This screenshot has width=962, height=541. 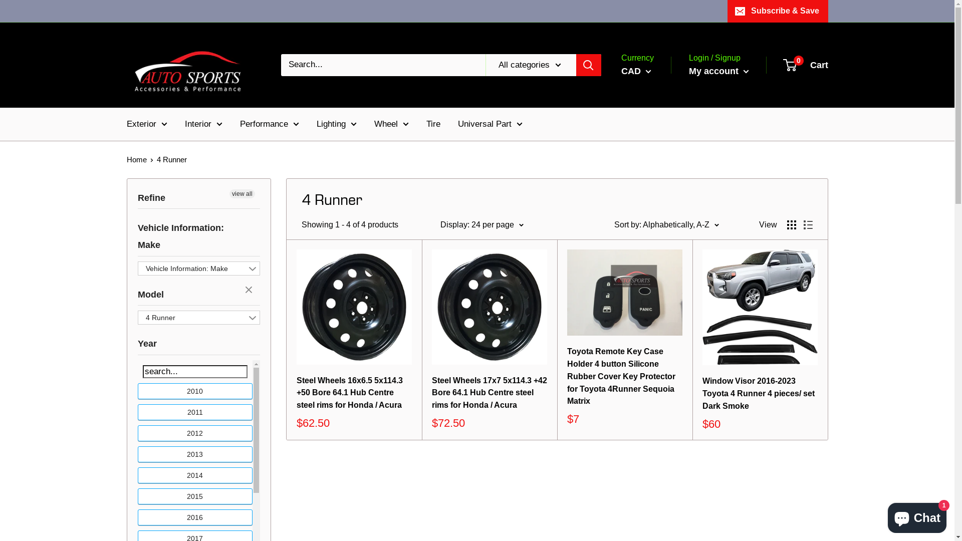 I want to click on '2016', so click(x=137, y=517).